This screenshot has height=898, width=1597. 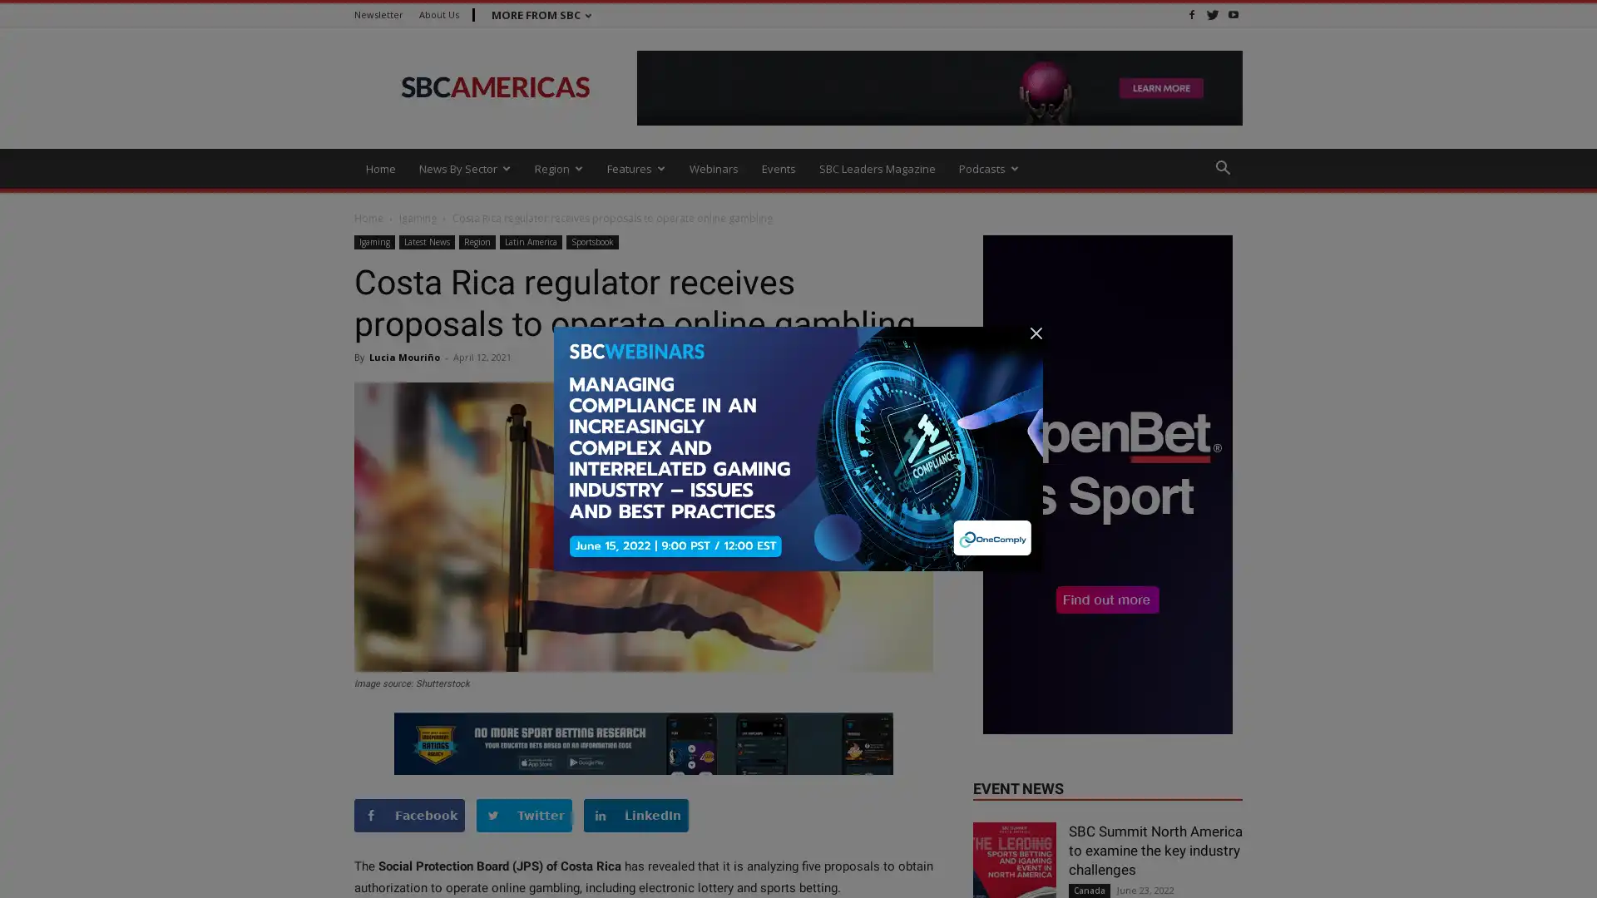 I want to click on Close, so click(x=1567, y=865).